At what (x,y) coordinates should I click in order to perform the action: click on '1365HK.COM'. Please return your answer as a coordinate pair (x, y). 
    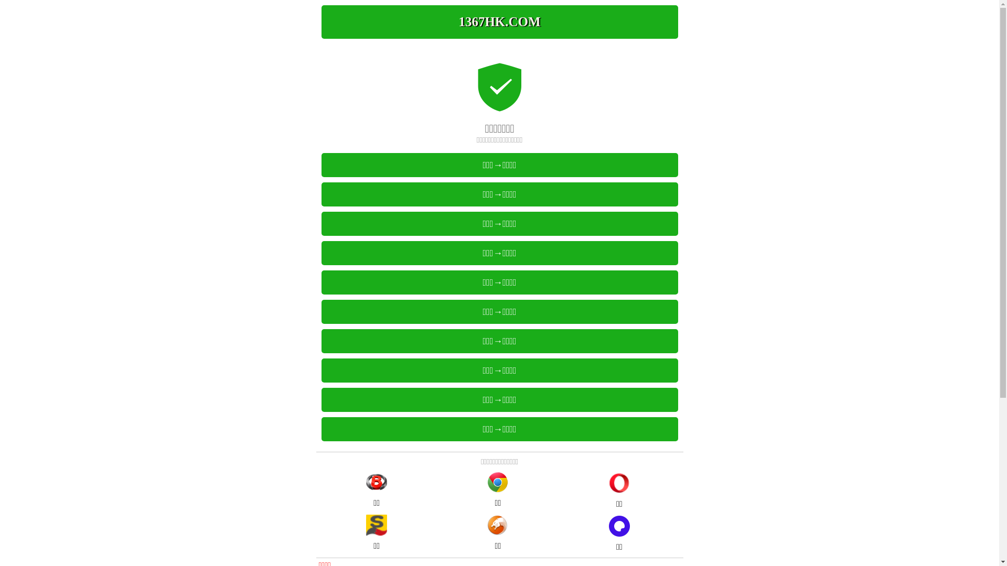
    Looking at the image, I should click on (498, 22).